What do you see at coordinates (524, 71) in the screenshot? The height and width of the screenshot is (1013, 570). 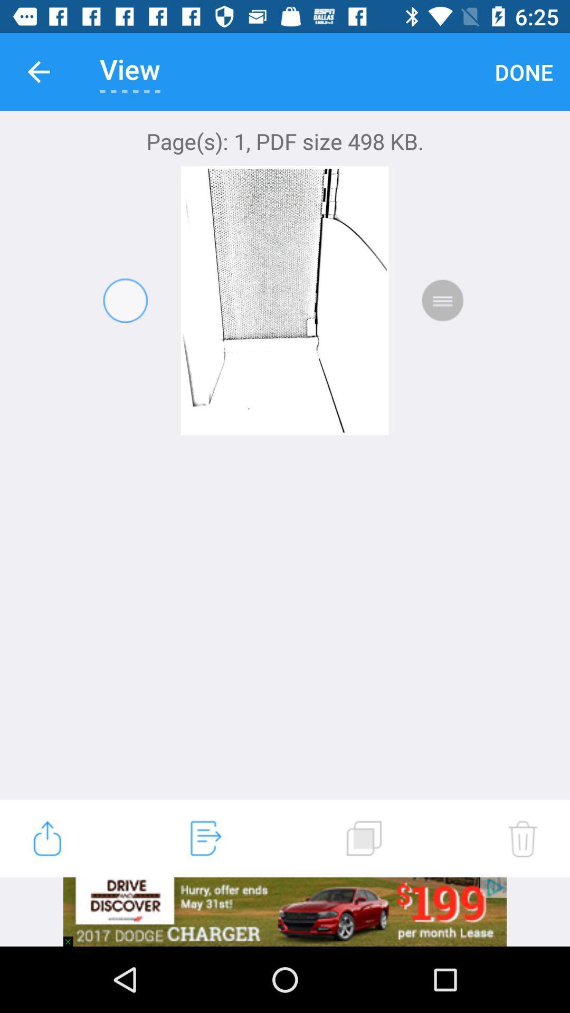 I see `icon above the page s 1 item` at bounding box center [524, 71].